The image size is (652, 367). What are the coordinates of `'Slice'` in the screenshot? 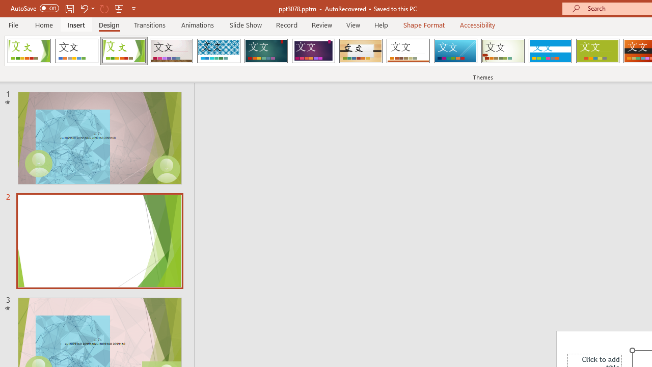 It's located at (455, 51).